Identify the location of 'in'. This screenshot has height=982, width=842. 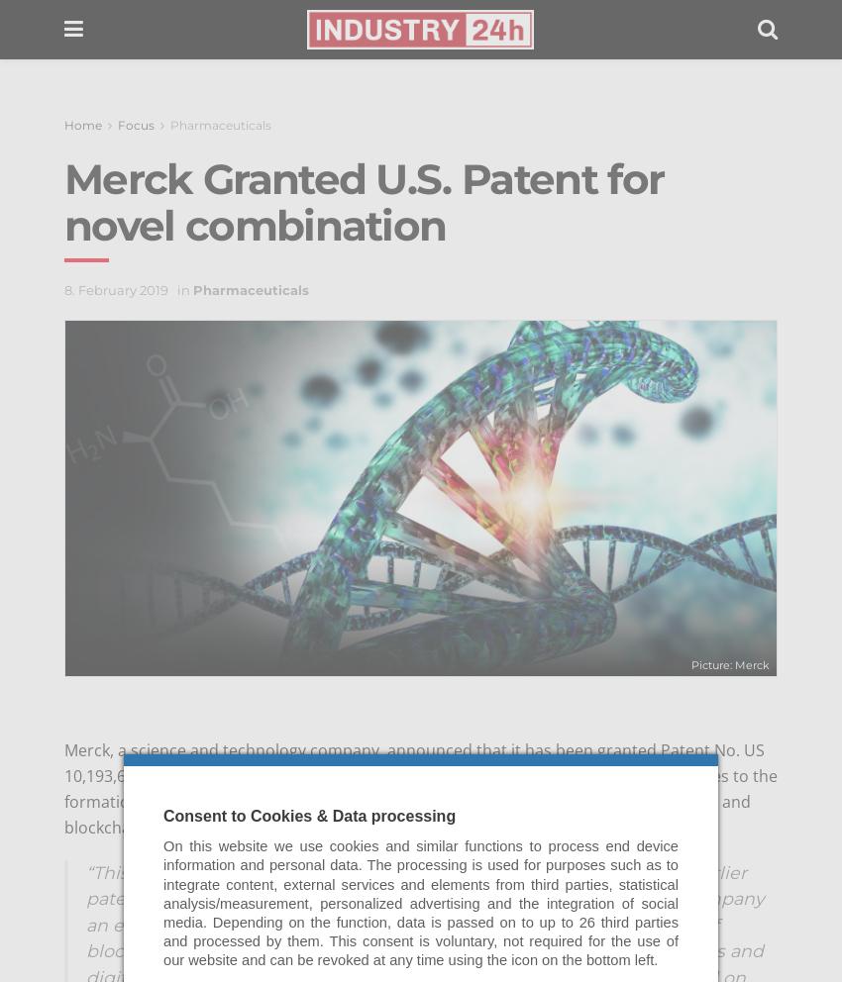
(182, 289).